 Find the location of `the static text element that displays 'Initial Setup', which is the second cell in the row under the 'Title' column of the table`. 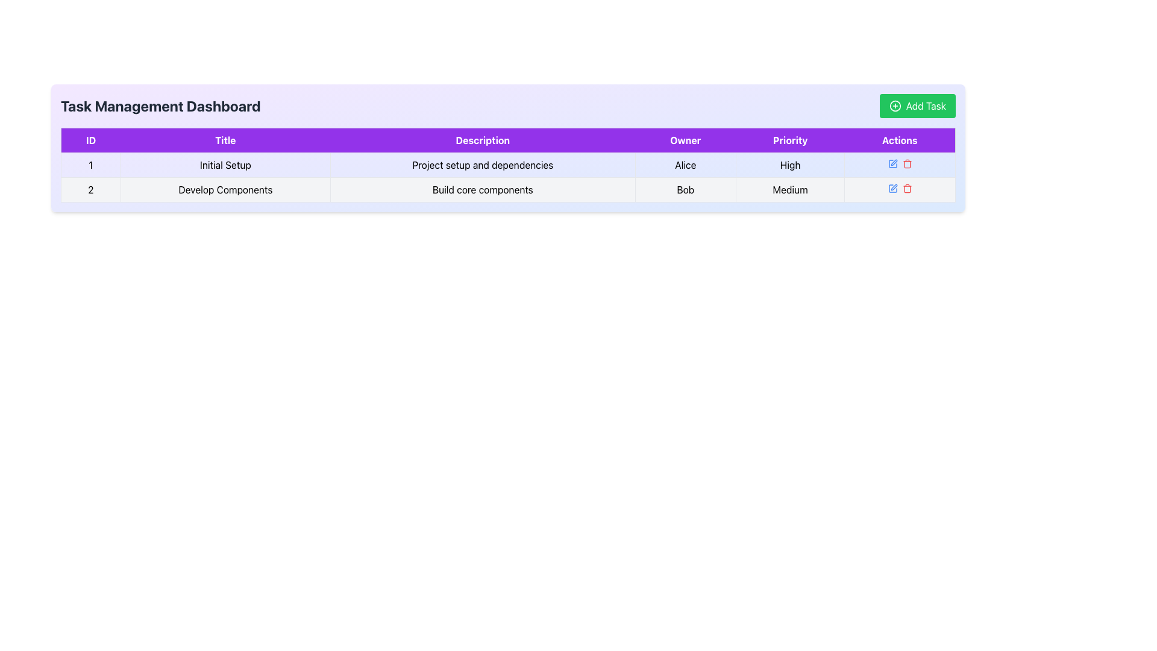

the static text element that displays 'Initial Setup', which is the second cell in the row under the 'Title' column of the table is located at coordinates (225, 165).